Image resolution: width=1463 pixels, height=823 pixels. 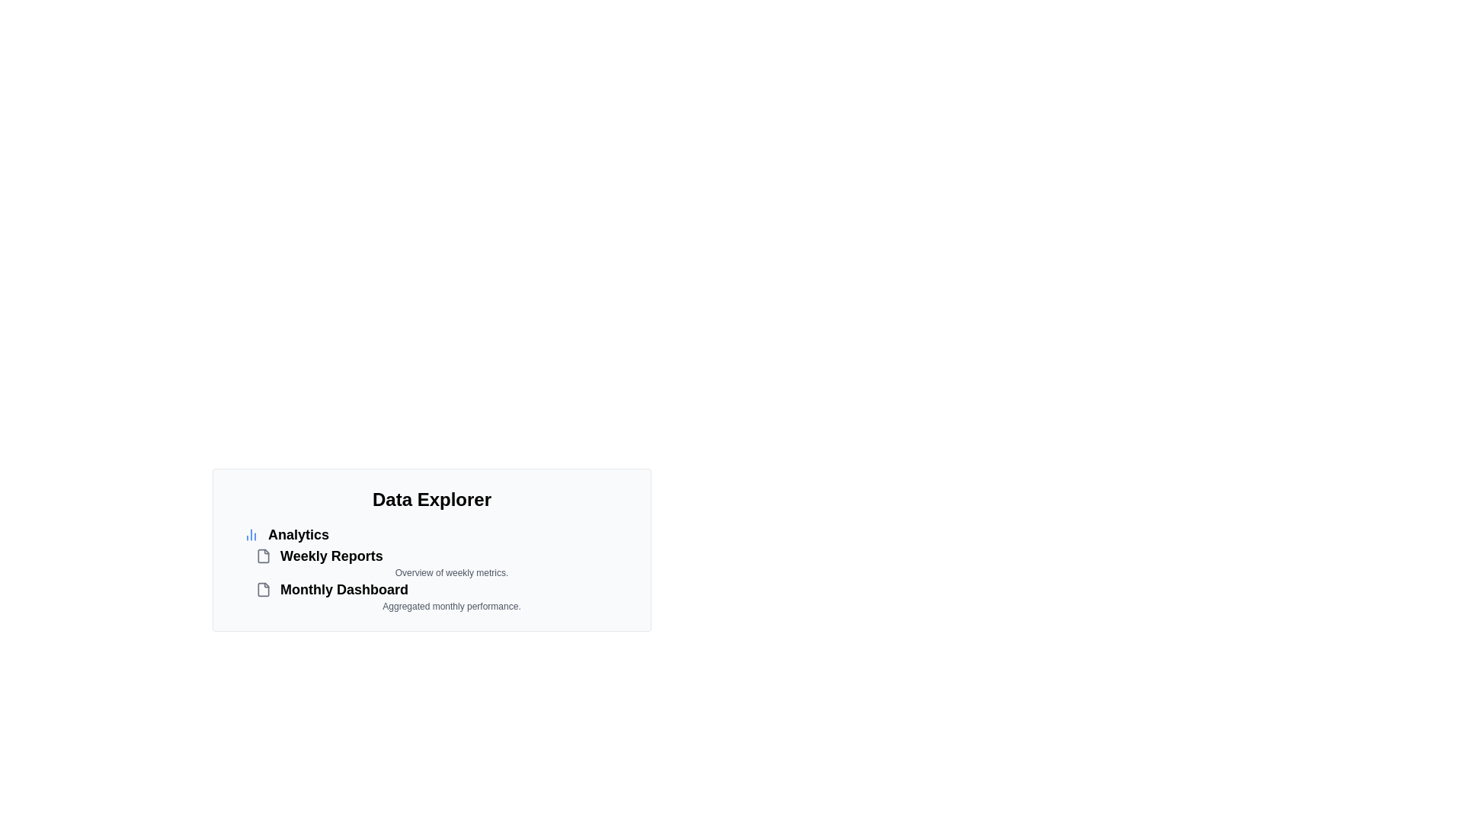 I want to click on the Text block containing 'AnalyticsWeekly ReportsOverview' located under the 'Data Explorer' section, so click(x=437, y=568).